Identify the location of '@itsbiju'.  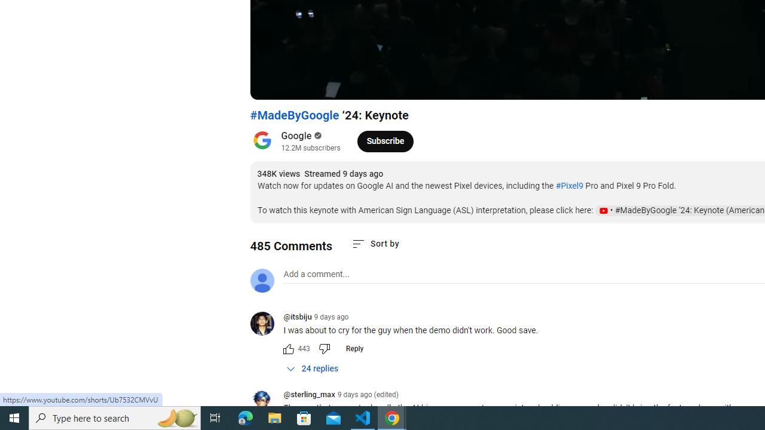
(297, 317).